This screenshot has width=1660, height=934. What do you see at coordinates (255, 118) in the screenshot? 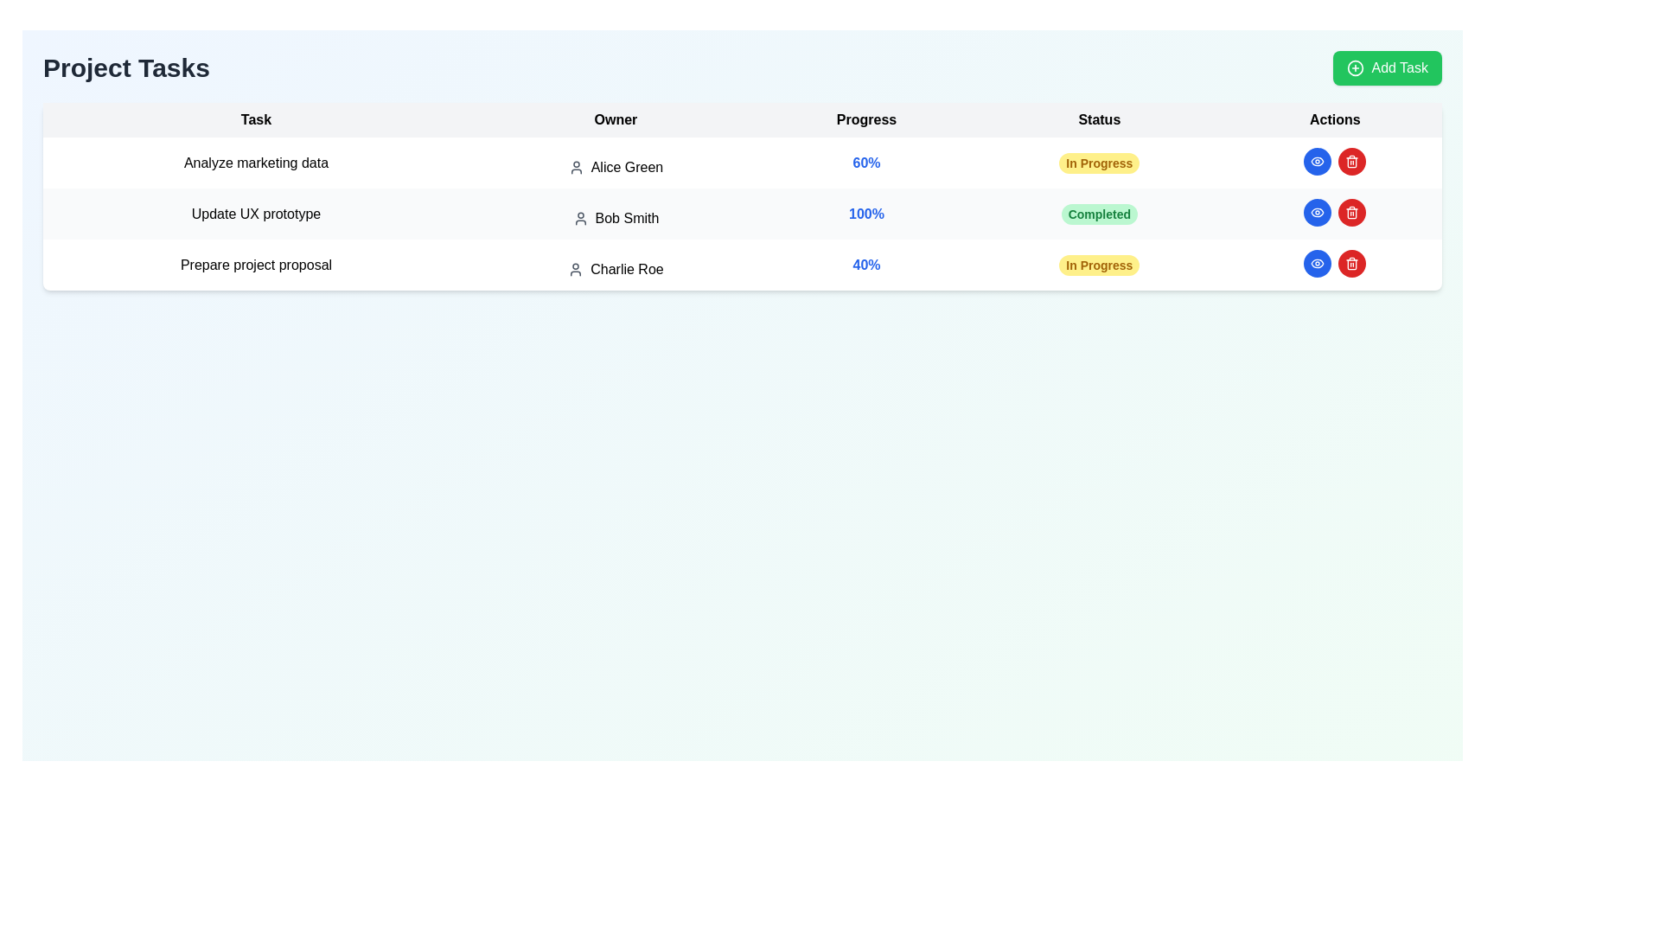
I see `the text label displaying 'Task' in the table header, which is styled with bold black font and centered alignment` at bounding box center [255, 118].